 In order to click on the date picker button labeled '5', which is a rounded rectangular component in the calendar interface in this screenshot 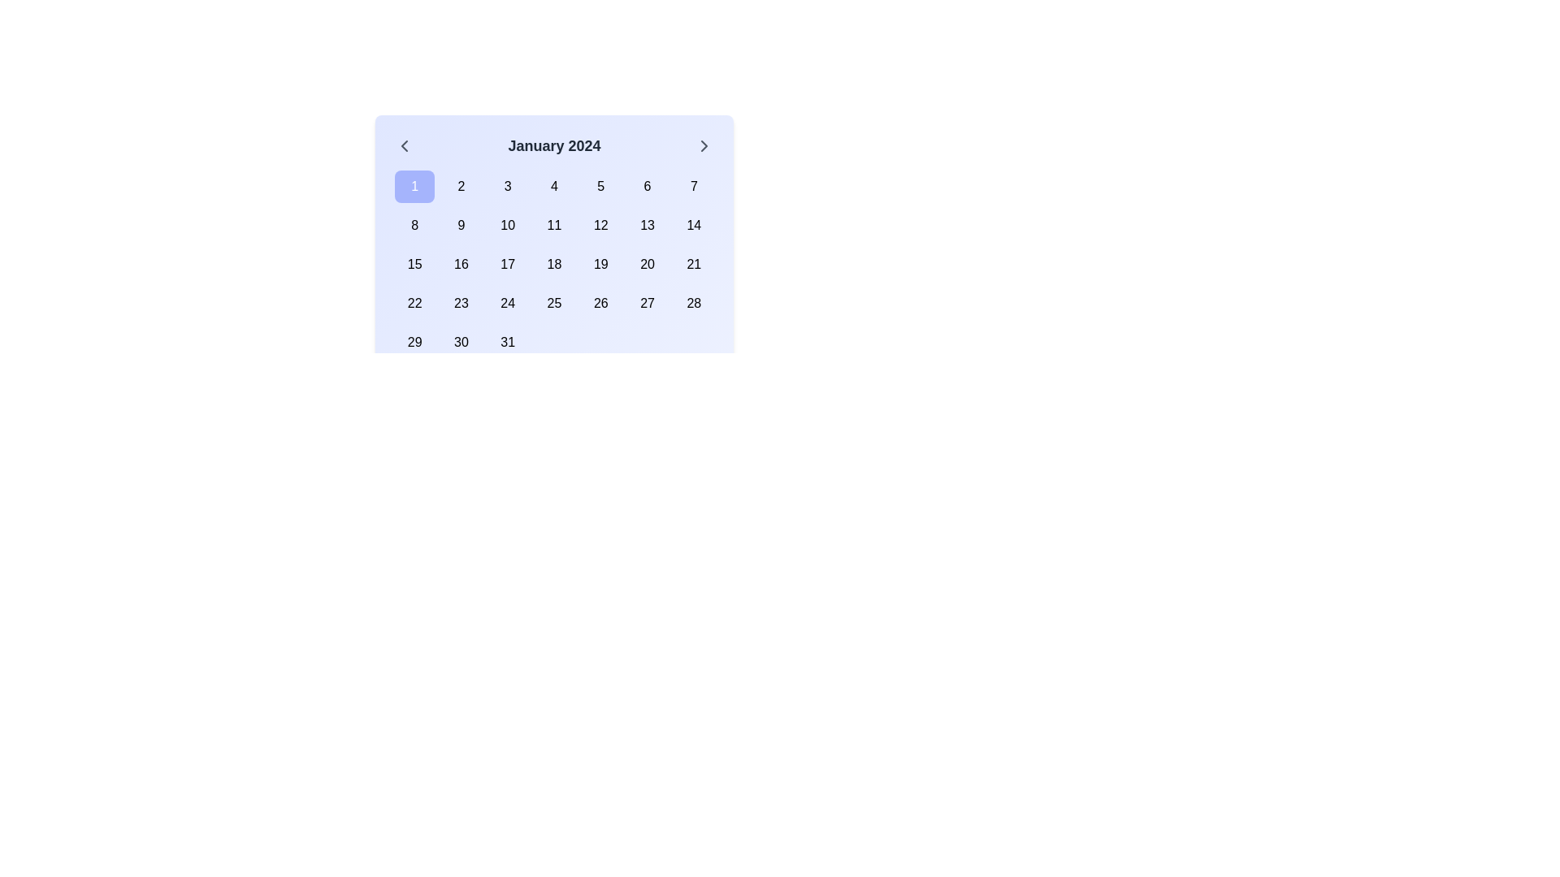, I will do `click(600, 186)`.